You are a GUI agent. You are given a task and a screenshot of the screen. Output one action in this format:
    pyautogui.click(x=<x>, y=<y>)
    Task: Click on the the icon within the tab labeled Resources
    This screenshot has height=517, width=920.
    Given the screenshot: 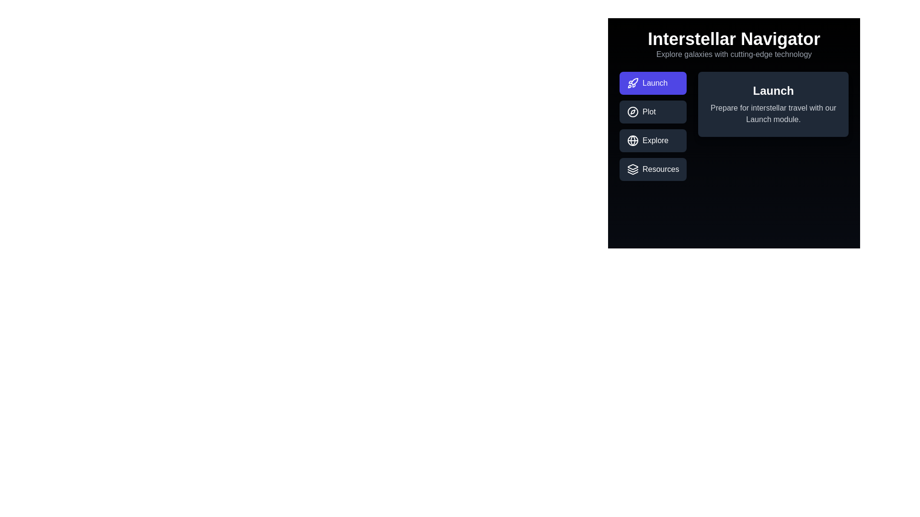 What is the action you would take?
    pyautogui.click(x=632, y=169)
    